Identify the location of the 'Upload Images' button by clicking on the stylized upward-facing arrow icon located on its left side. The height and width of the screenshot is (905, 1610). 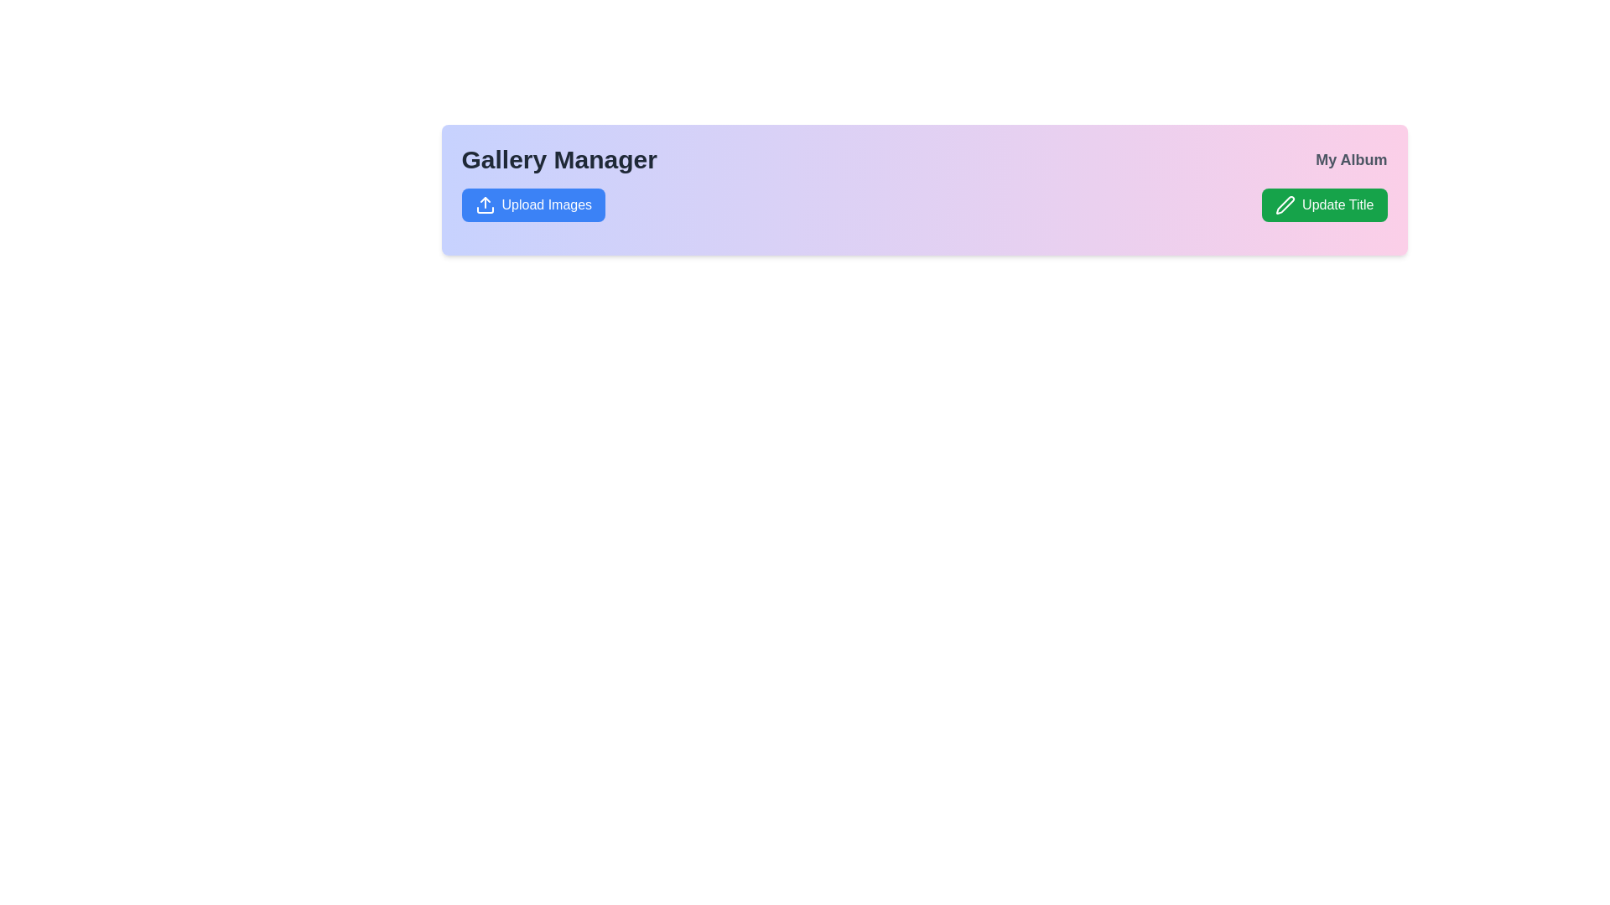
(484, 204).